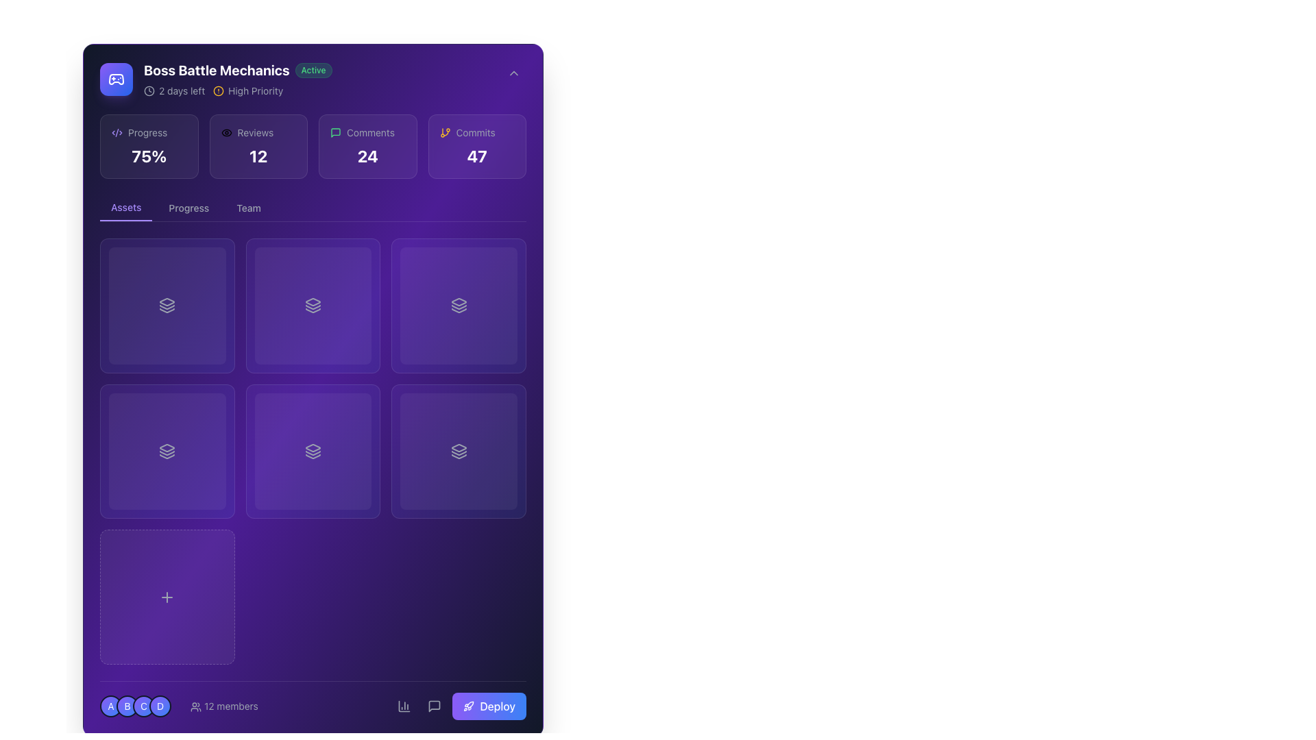 This screenshot has height=740, width=1316. What do you see at coordinates (117, 132) in the screenshot?
I see `the central diagonal line in the three-part graphic icon located in the top-right region of the 'Boss Battle Mechanics' section, which is near the numerical figures and labels such as '24' and 'Comments'` at bounding box center [117, 132].